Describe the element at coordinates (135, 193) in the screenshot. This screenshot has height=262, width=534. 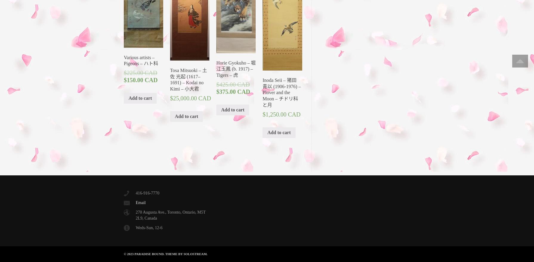
I see `'416-916-7770'` at that location.